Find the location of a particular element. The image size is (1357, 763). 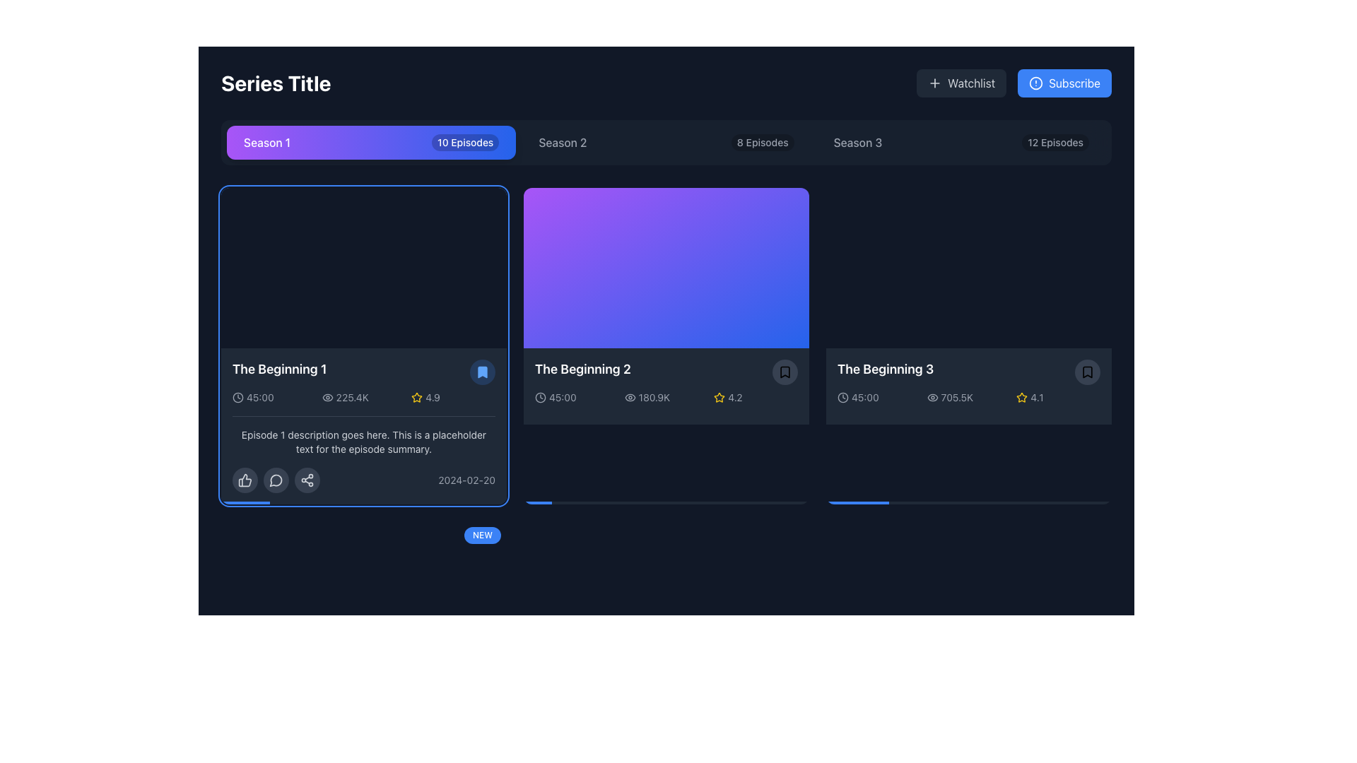

the clock icon located to the left of the '45:00' text within the card titled 'The Beginning 1', which represents the duration of the episode is located at coordinates (539, 398).